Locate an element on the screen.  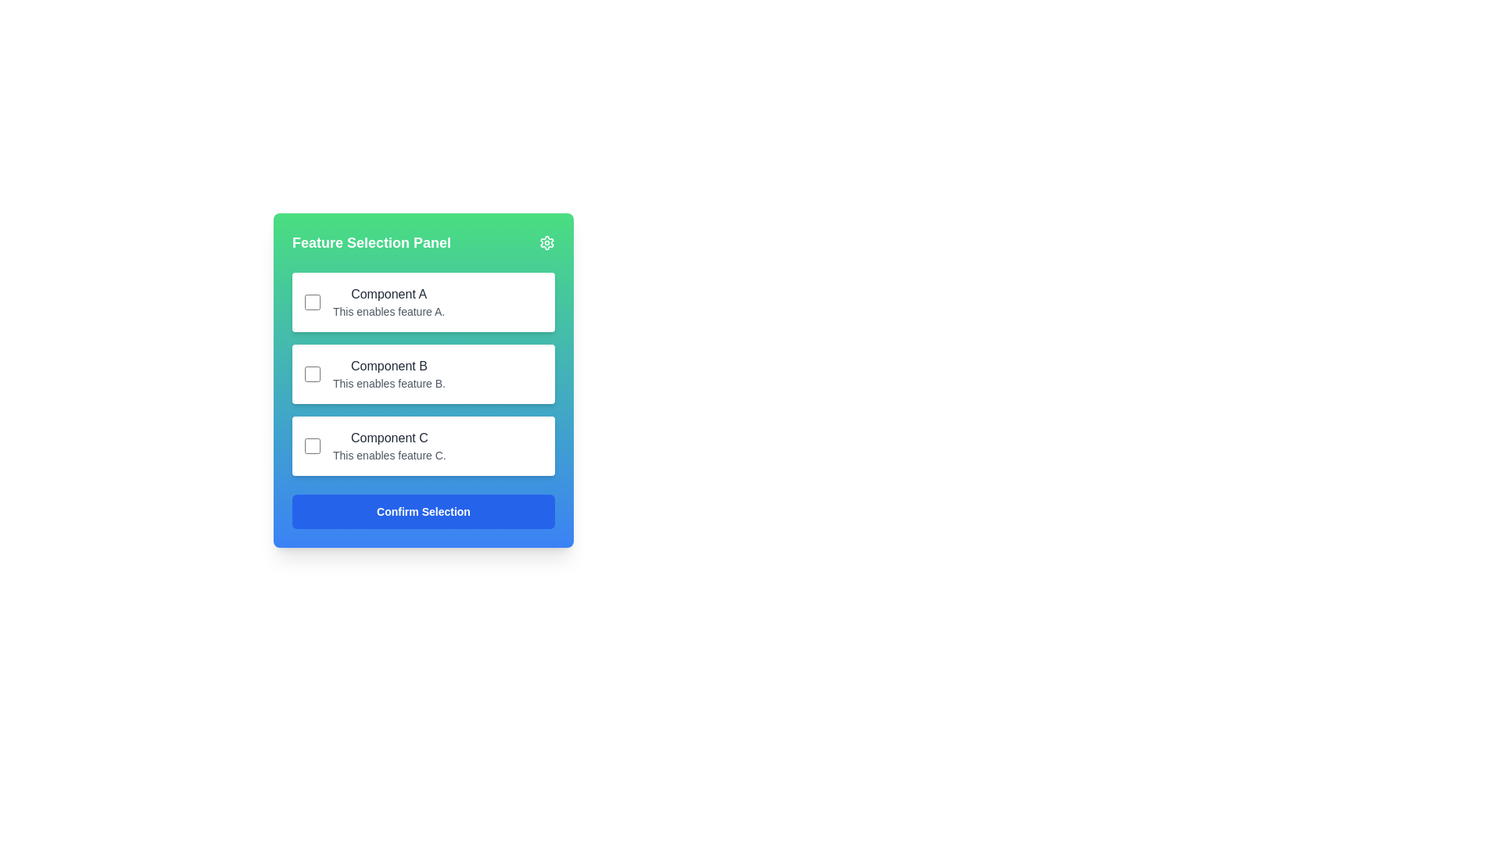
the settings icon located at the top-right corner of the 'Feature Selection Panel' is located at coordinates (547, 243).